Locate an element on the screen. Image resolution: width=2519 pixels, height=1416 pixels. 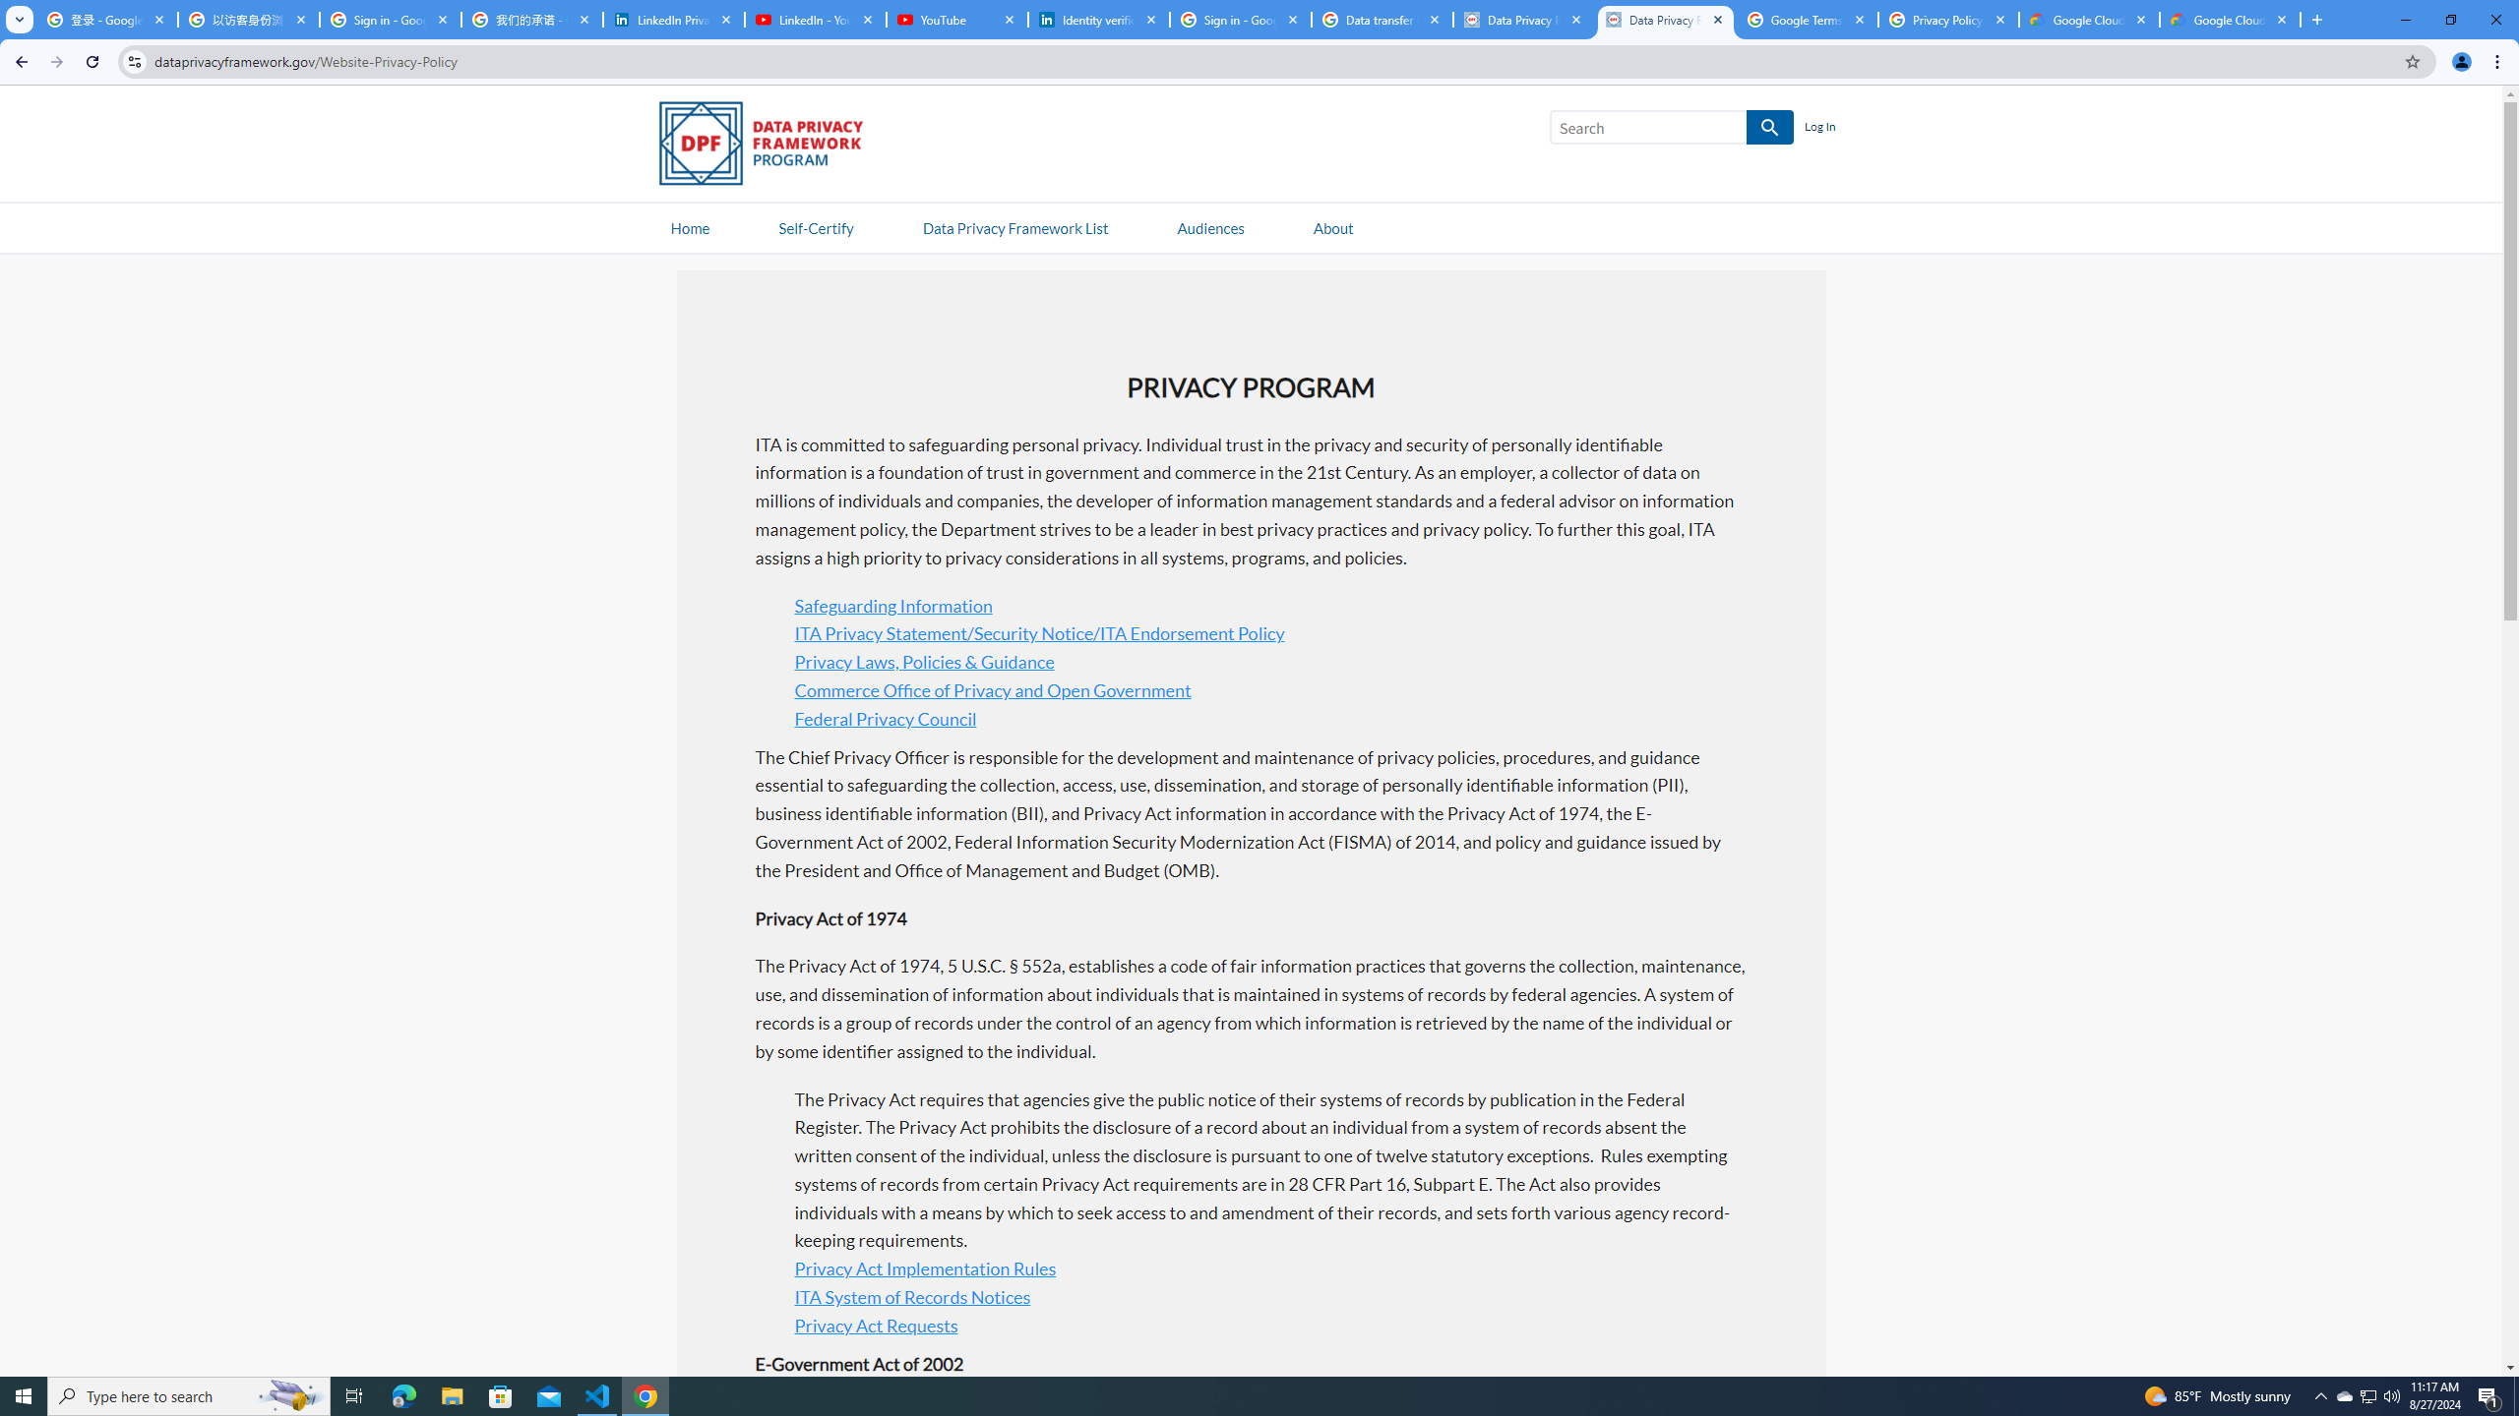
'Data Privacy Framework List' is located at coordinates (1014, 226).